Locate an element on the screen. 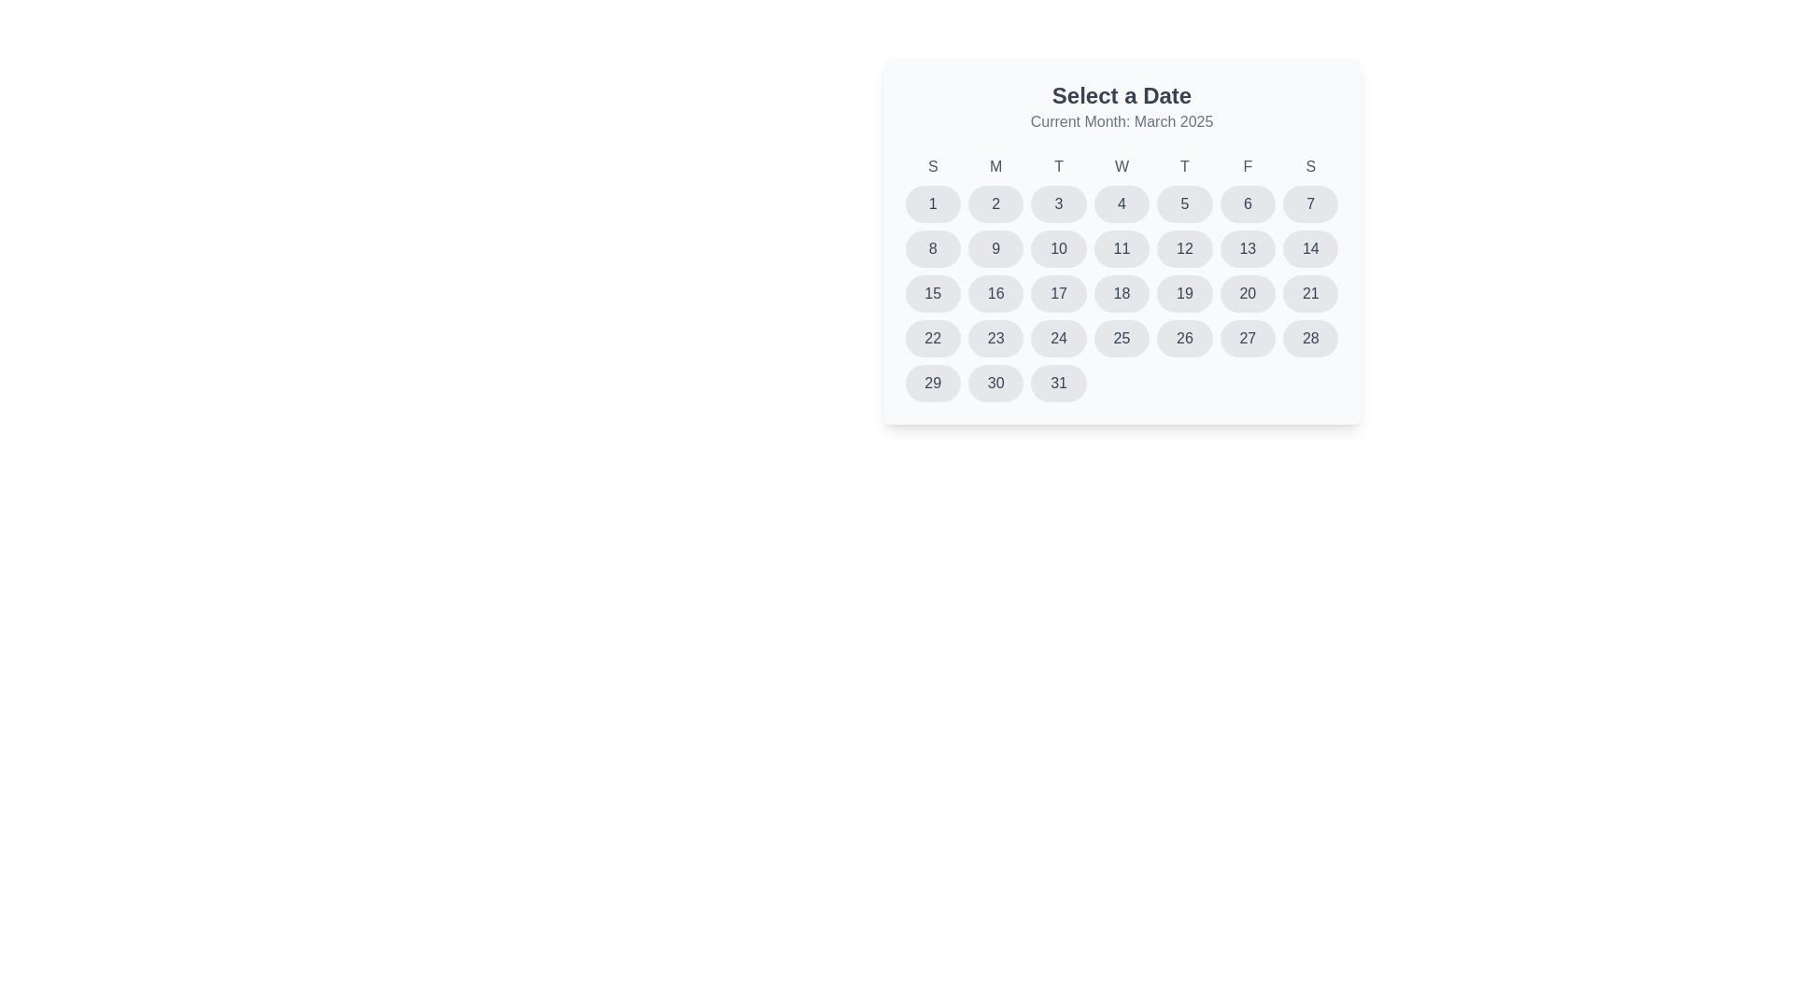  the circular button with a gray background displaying the number '10' in black font, located in the second row and third column of the calendar grid under 'T' for Tuesday is located at coordinates (1059, 247).